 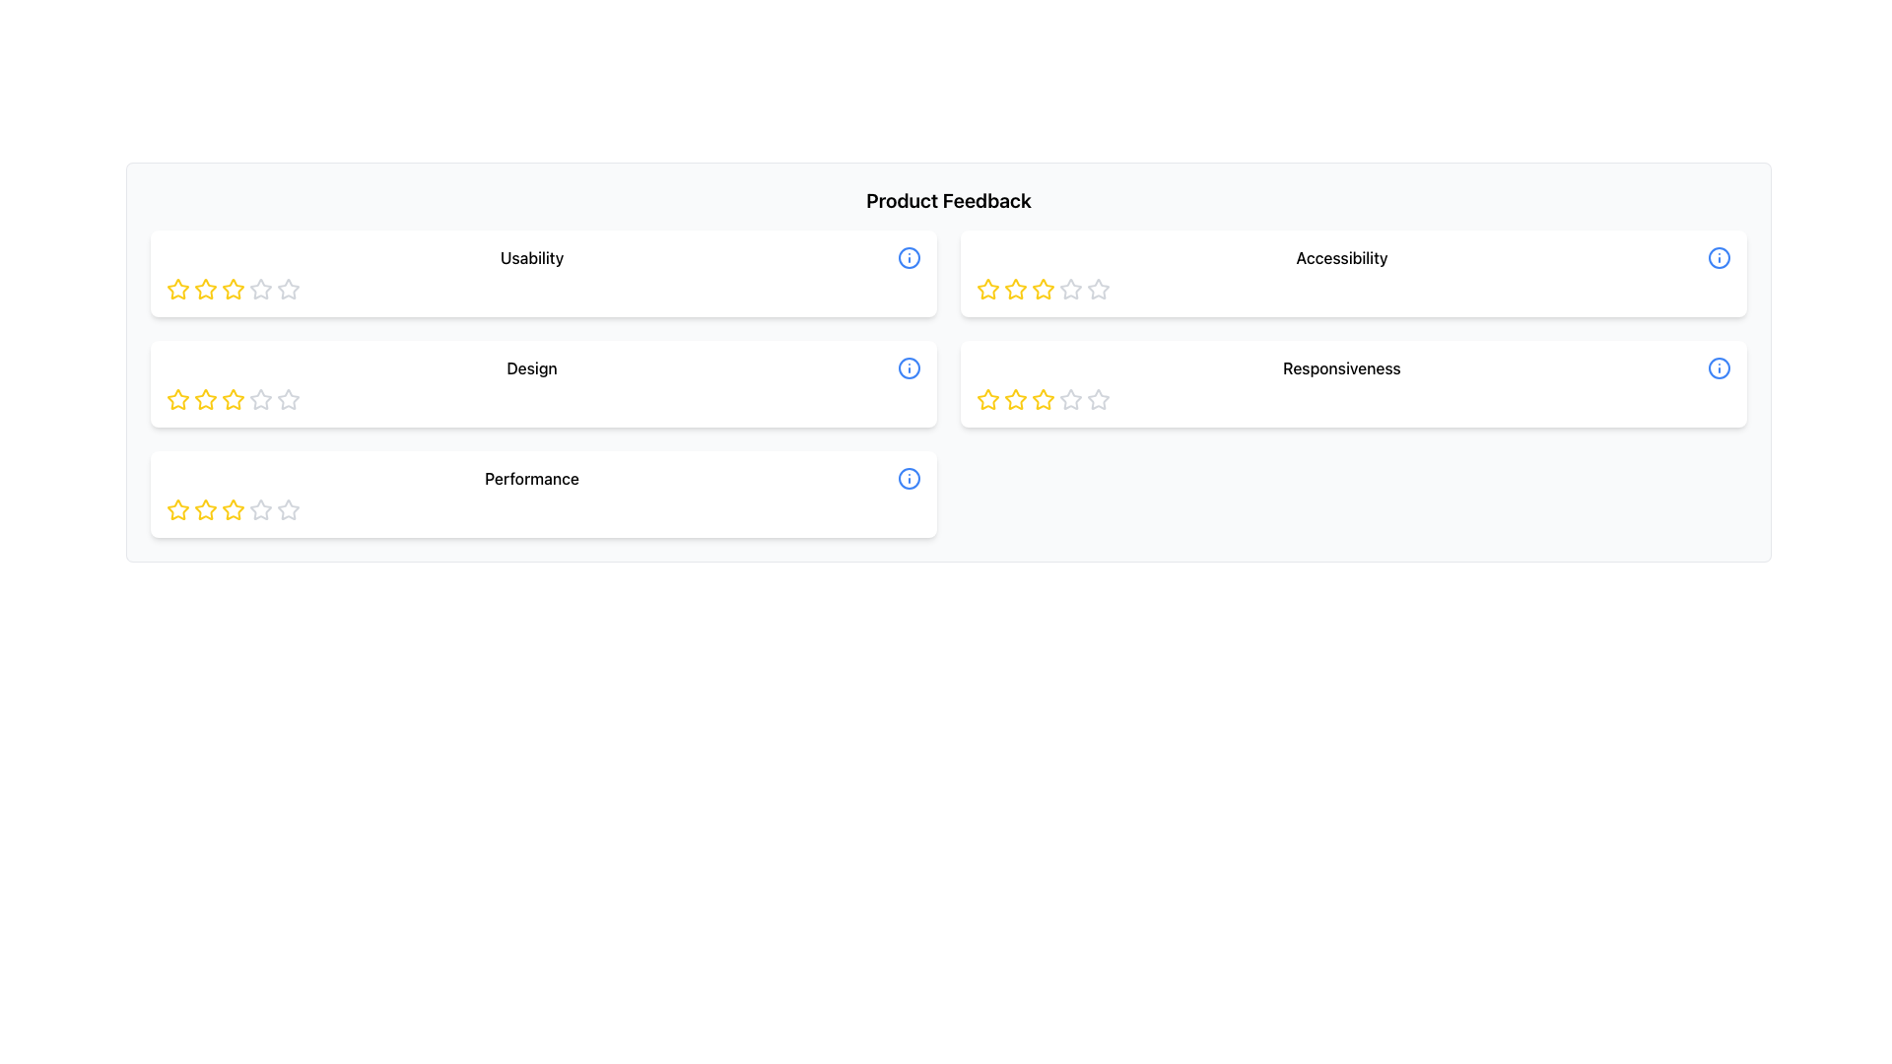 I want to click on the fourth star icon in the Accessibility feedback section, which is styled with a light gray stroke and has a hollow center, so click(x=1097, y=289).